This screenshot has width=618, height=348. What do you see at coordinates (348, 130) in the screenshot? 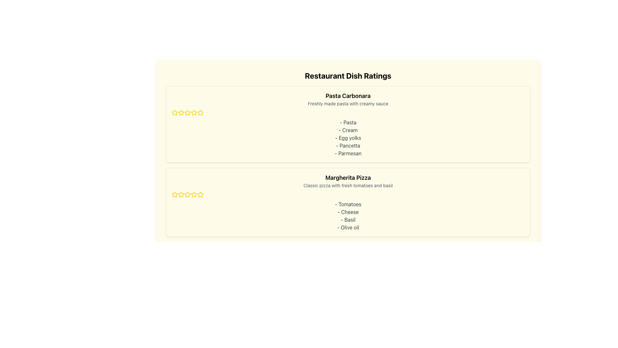
I see `text element displaying '- Cream' that is styled in a serif font and is the second item in a bulleted list under the heading 'Pasta Carbonara'` at bounding box center [348, 130].